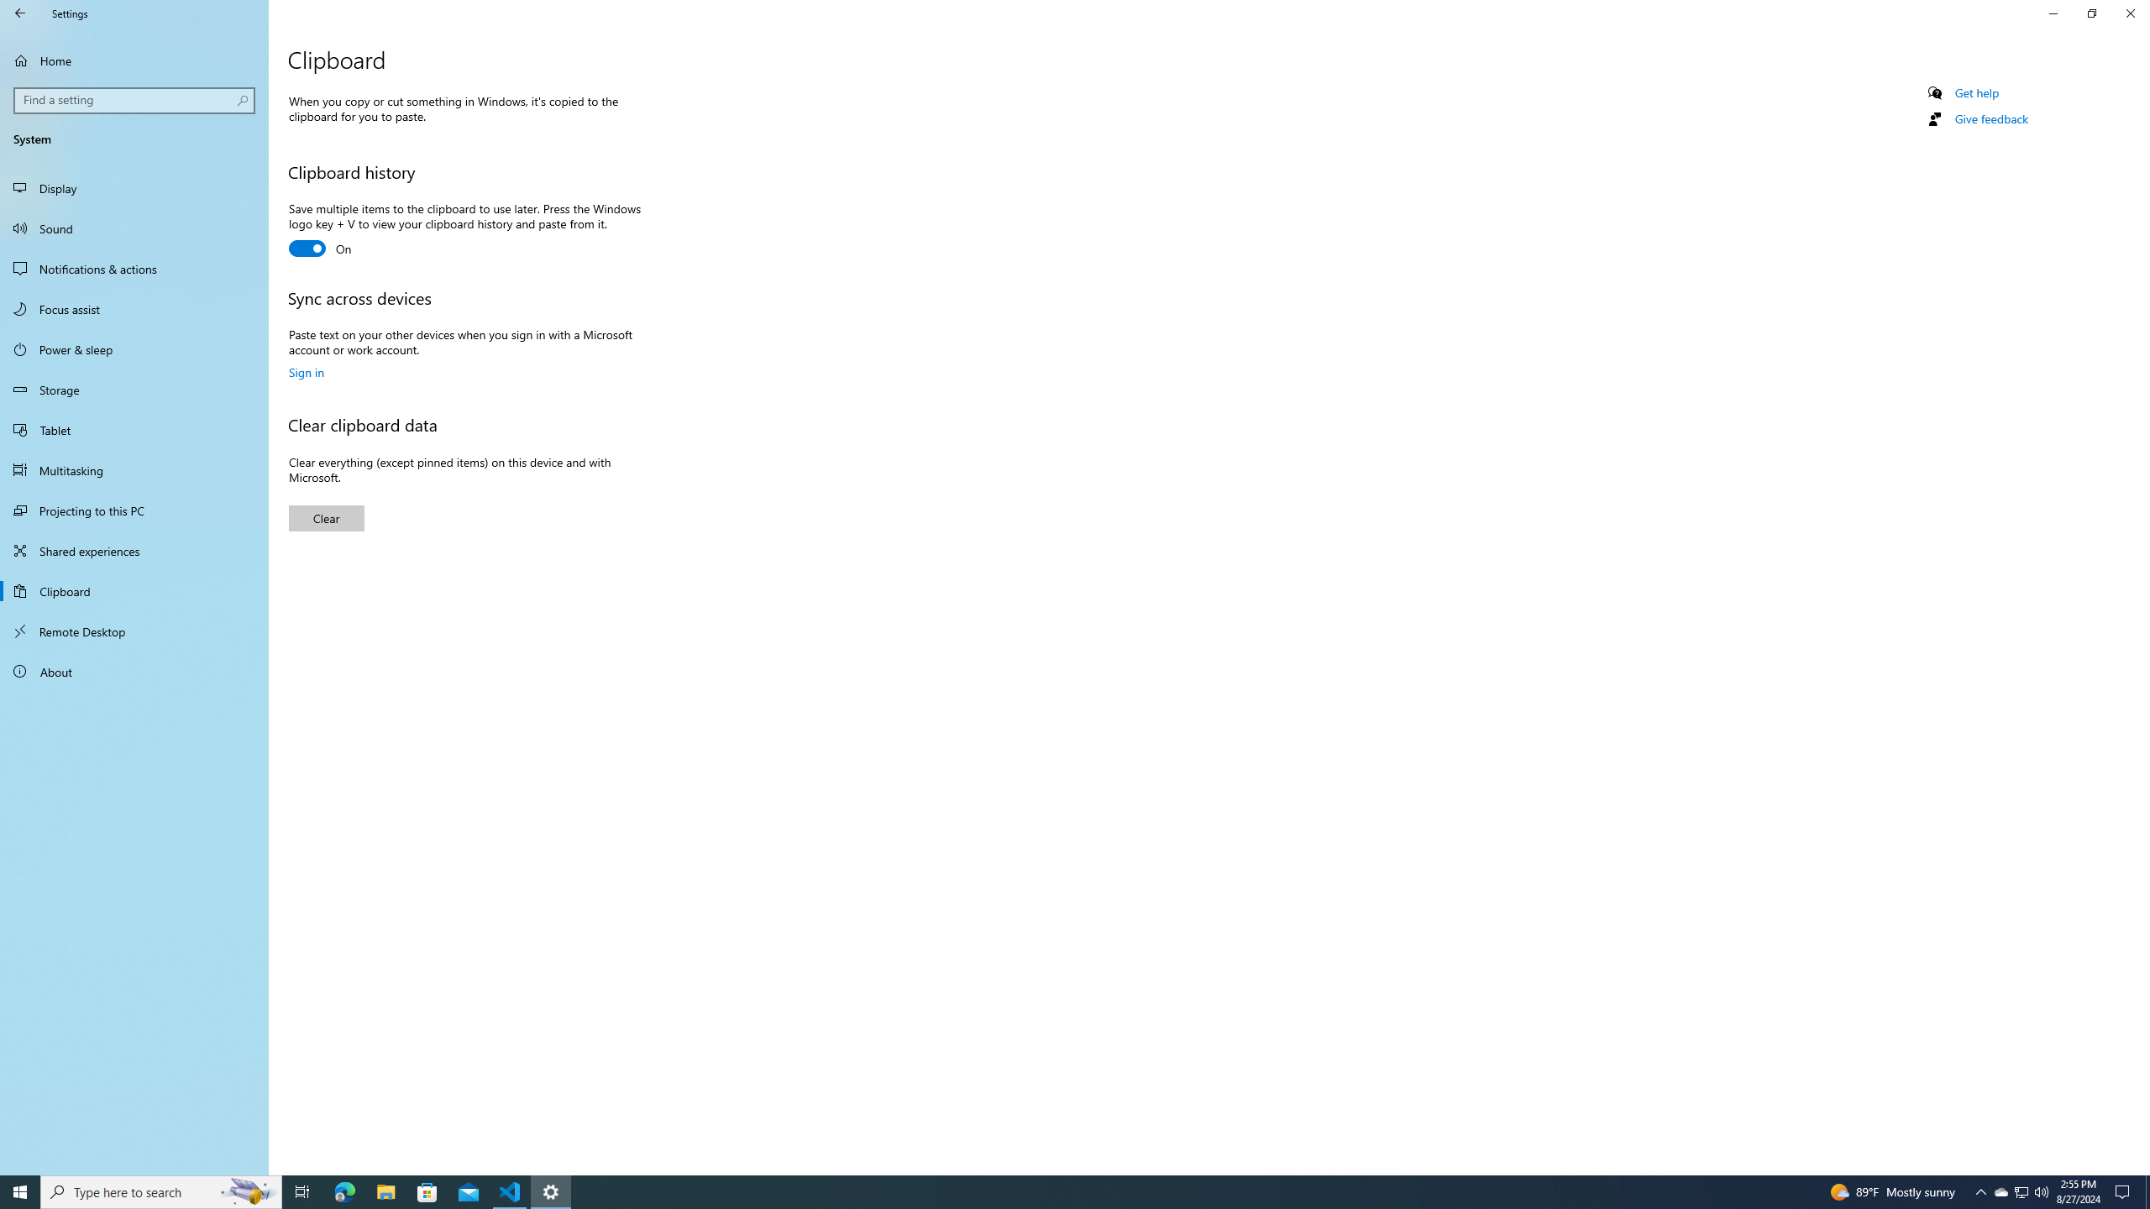 The width and height of the screenshot is (2150, 1209). What do you see at coordinates (134, 510) in the screenshot?
I see `'Projecting to this PC'` at bounding box center [134, 510].